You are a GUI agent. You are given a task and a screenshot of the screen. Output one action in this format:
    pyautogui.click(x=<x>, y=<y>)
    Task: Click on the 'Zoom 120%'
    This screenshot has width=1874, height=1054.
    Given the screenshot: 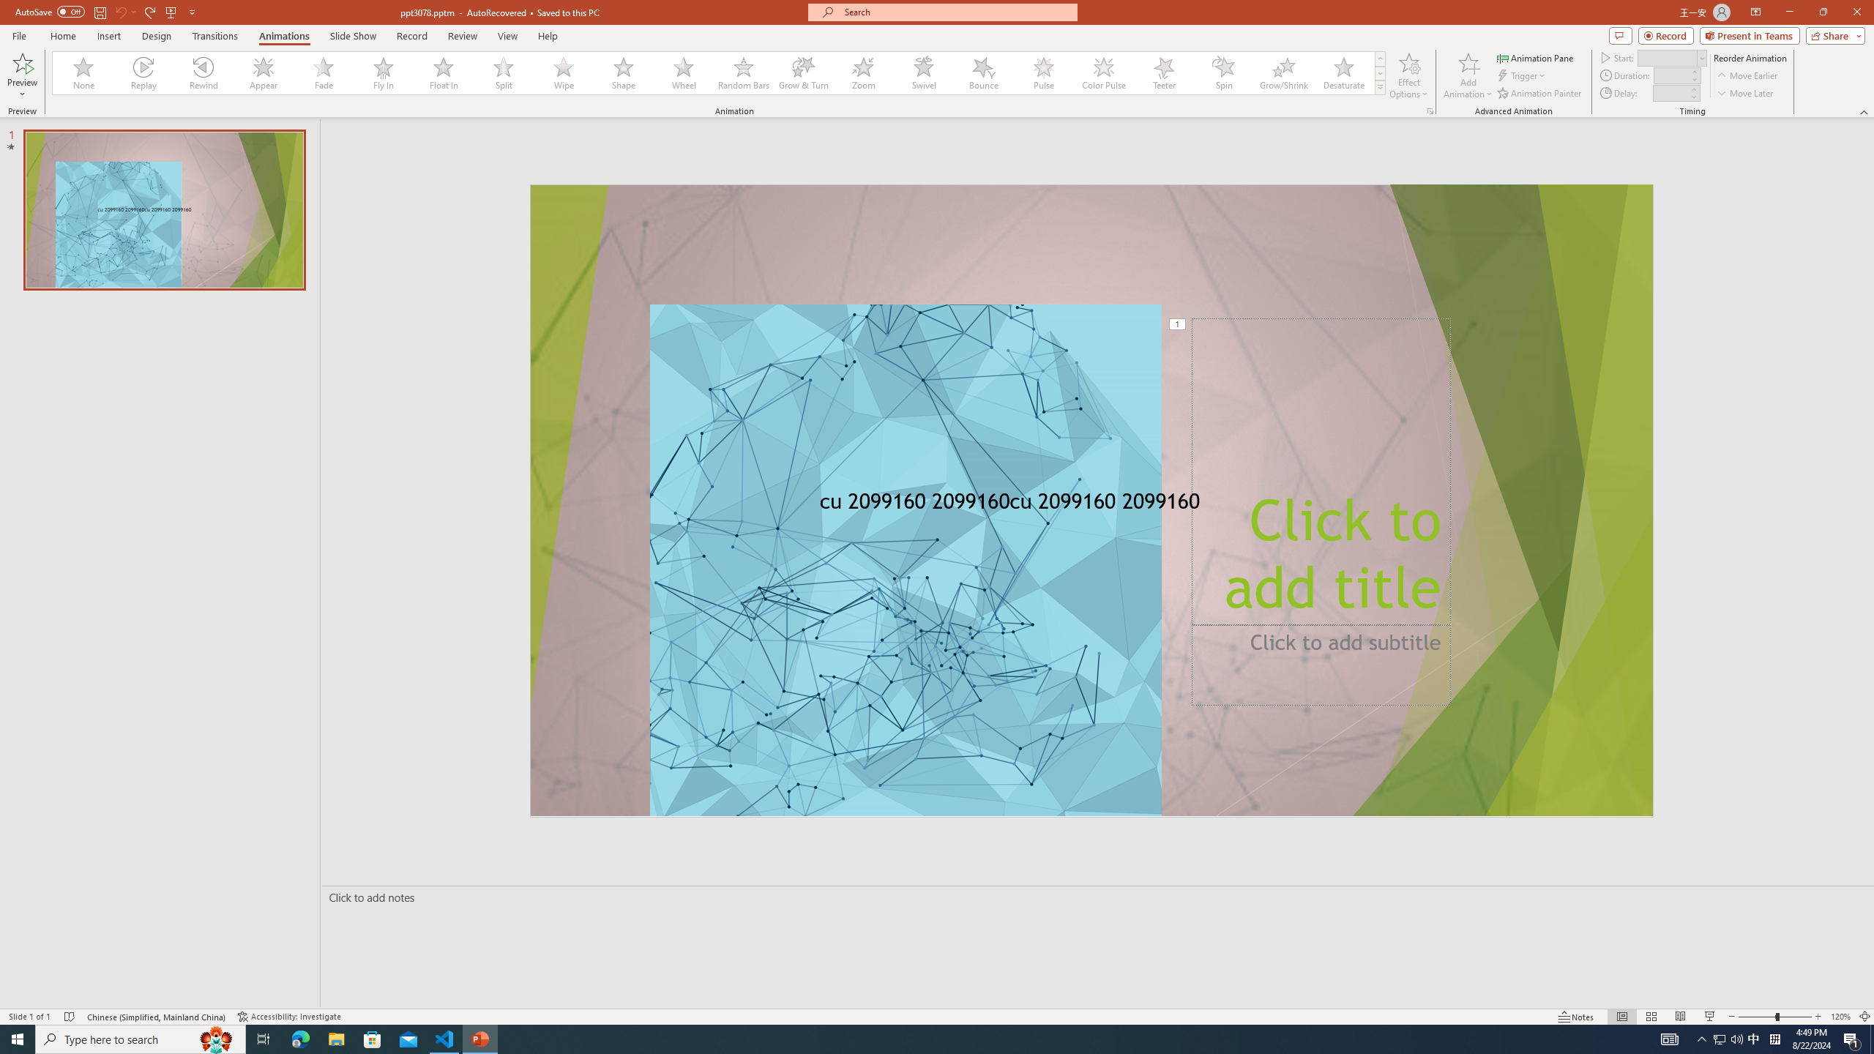 What is the action you would take?
    pyautogui.click(x=1841, y=1017)
    